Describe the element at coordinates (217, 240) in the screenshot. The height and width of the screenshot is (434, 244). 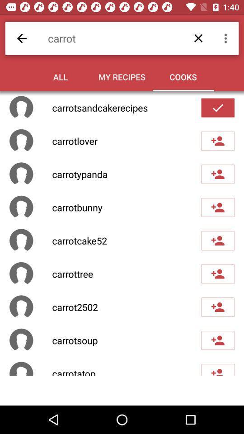
I see `follow user` at that location.